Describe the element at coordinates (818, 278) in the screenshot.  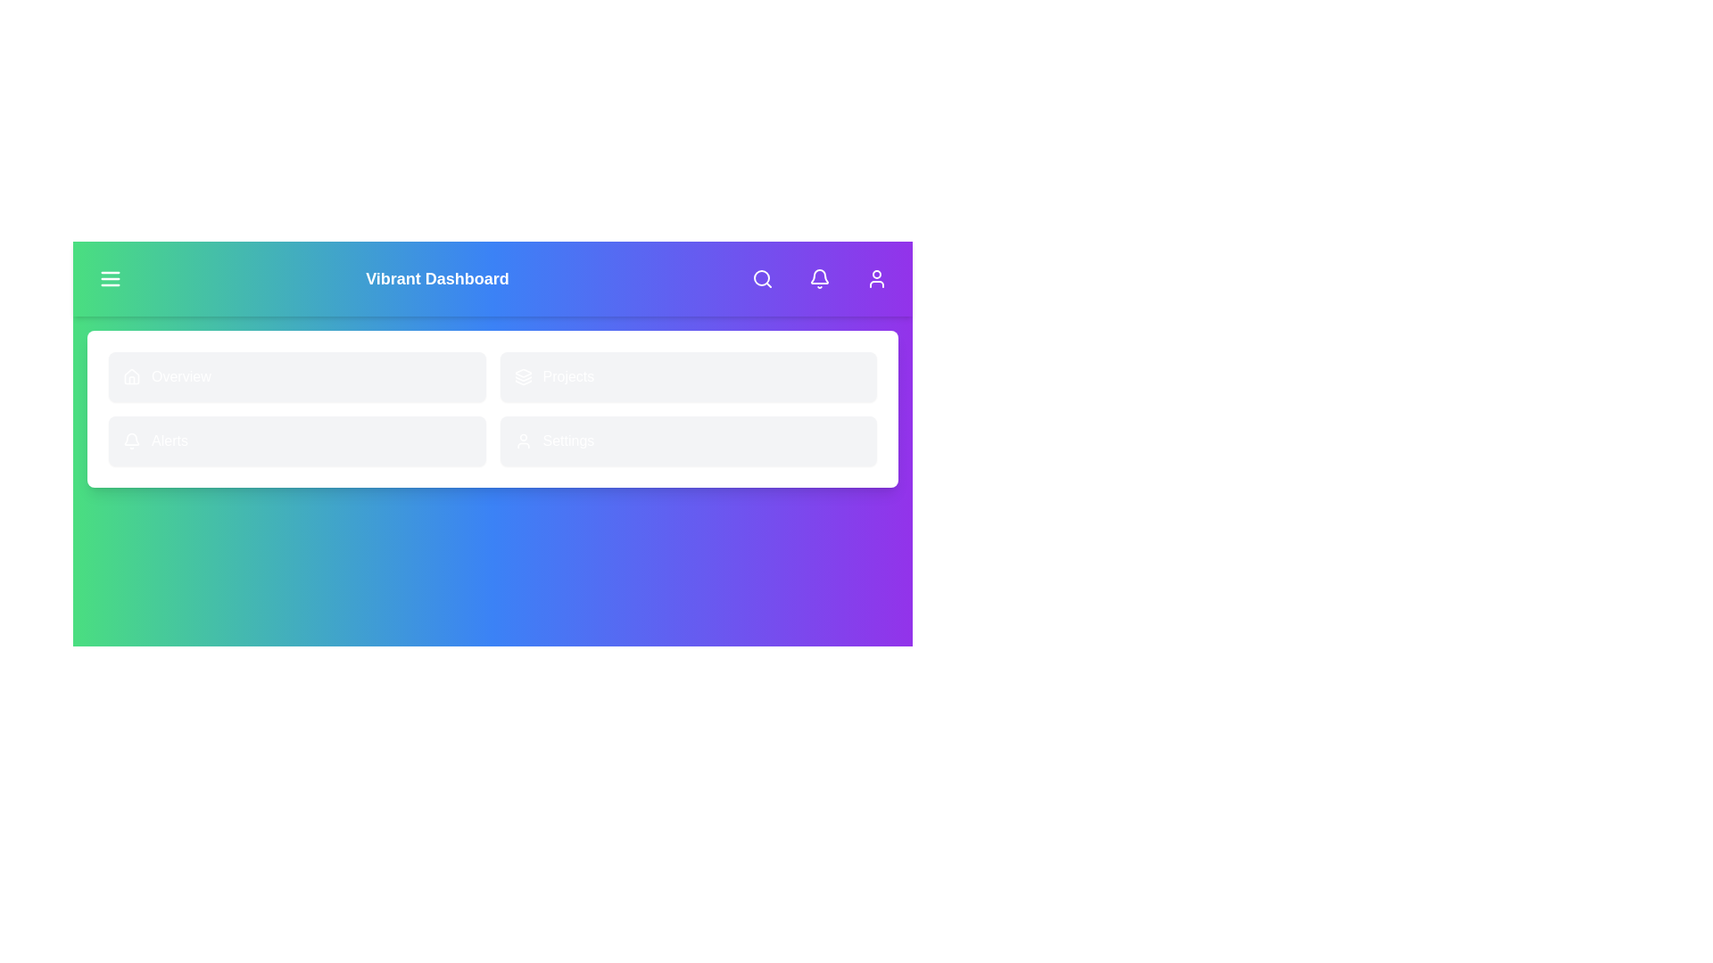
I see `the Notifications button at the top right of the app bar` at that location.